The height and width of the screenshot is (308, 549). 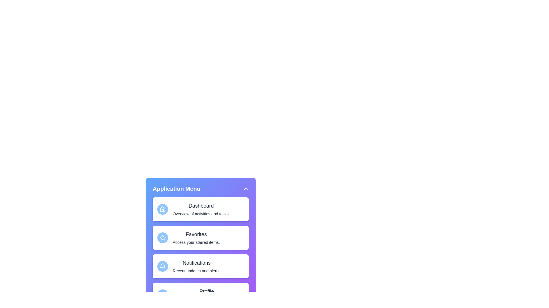 I want to click on the menu item Profile, so click(x=200, y=295).